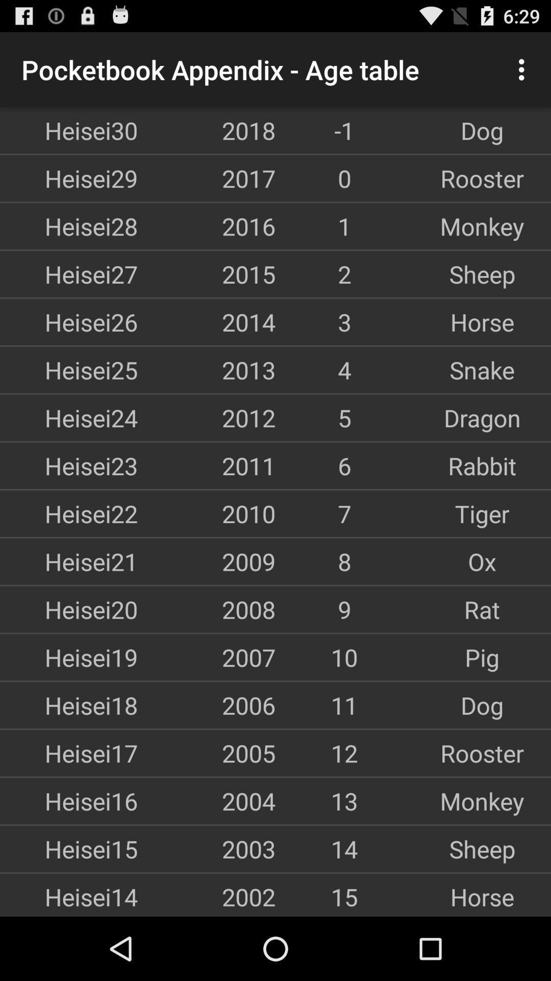  Describe the element at coordinates (482, 609) in the screenshot. I see `the item next to the 9 icon` at that location.